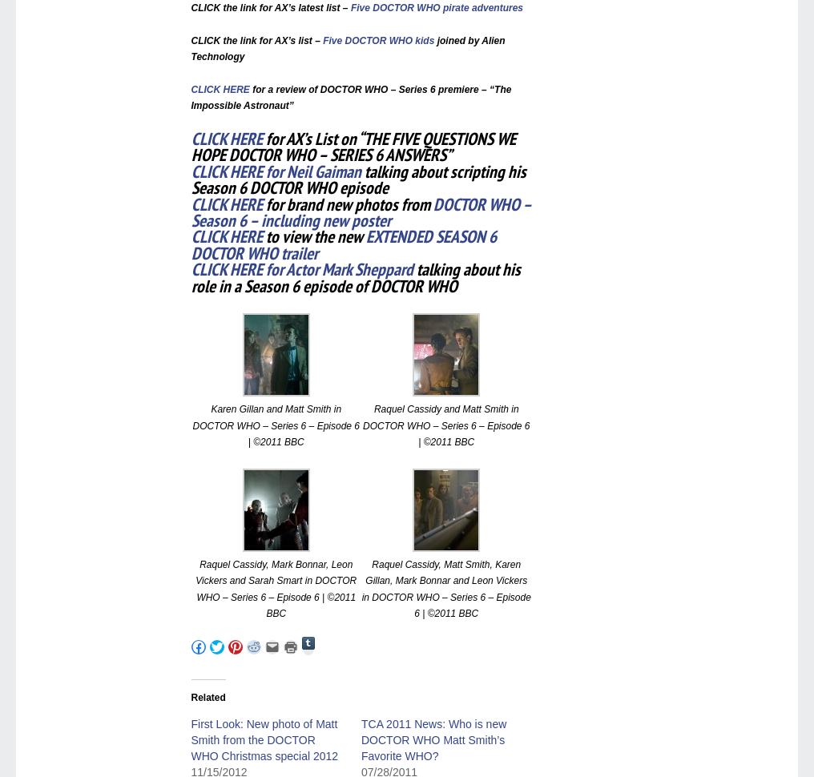  I want to click on 'Five DOCTOR WHO kids', so click(378, 38).